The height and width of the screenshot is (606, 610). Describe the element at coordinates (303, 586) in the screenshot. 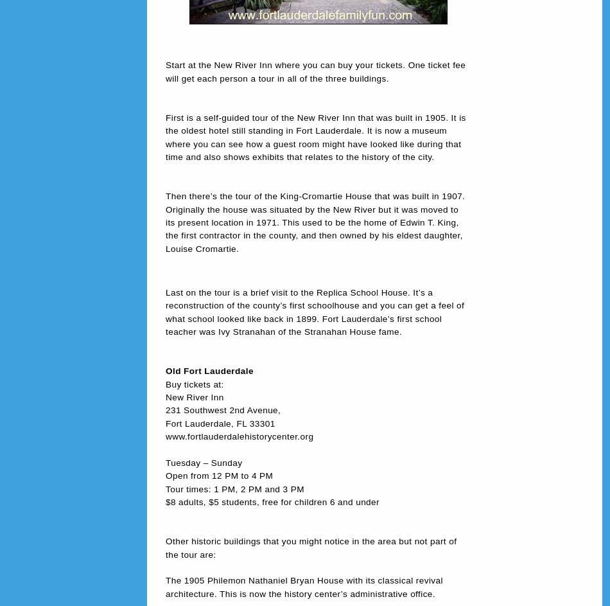

I see `'The 1905 Philemon Nathaniel Bryan House with its classical revival architecture. This is now the history center’s administrative office.'` at that location.